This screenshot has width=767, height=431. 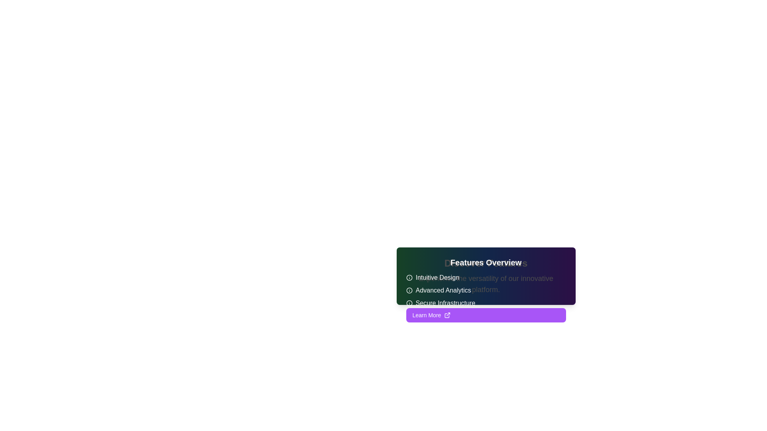 What do you see at coordinates (409, 303) in the screenshot?
I see `the decorative vector graphic component, which is a circular icon adjacent to the text 'Secure Infrastructure'` at bounding box center [409, 303].